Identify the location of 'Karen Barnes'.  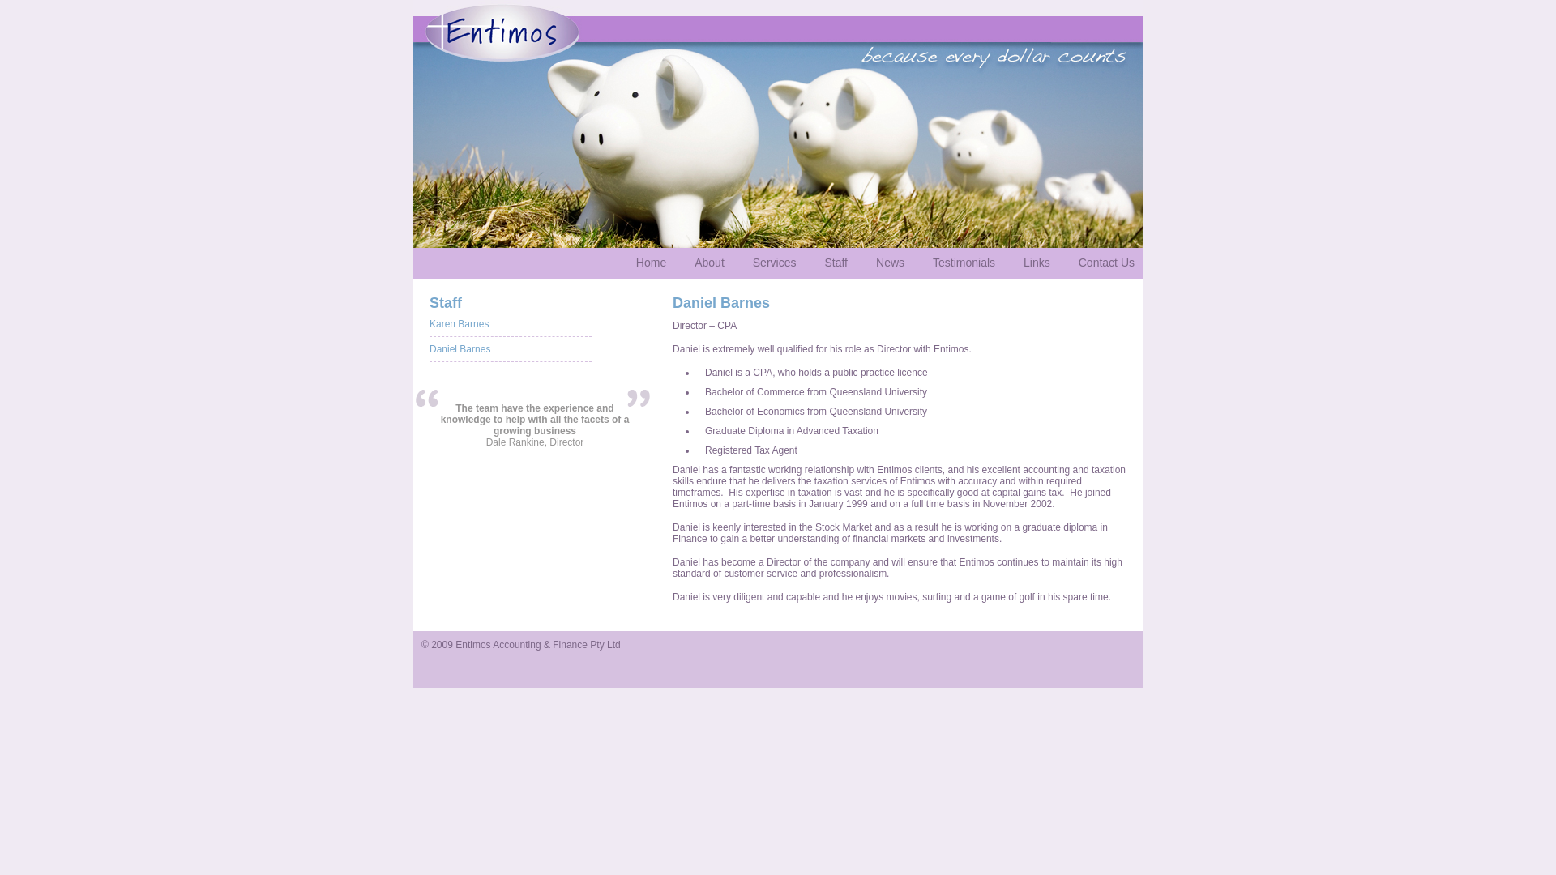
(458, 324).